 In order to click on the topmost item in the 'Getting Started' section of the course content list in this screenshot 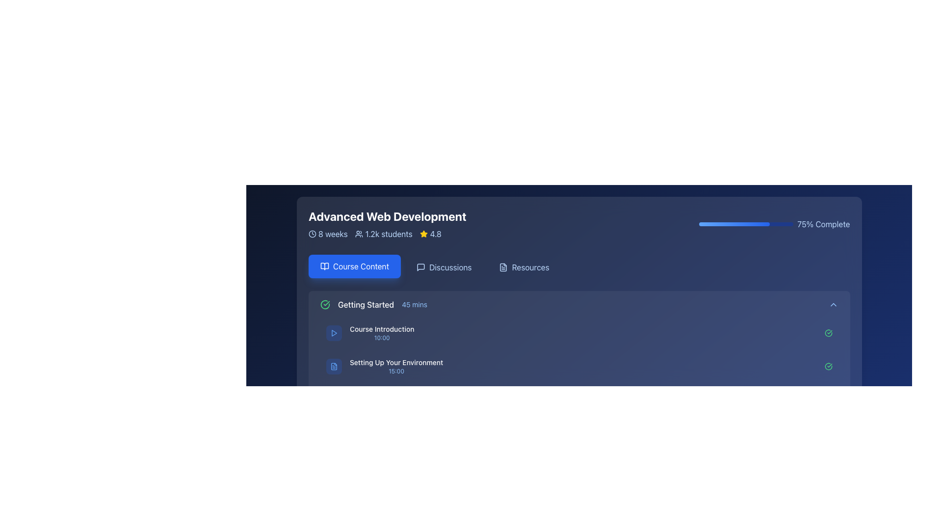, I will do `click(579, 332)`.